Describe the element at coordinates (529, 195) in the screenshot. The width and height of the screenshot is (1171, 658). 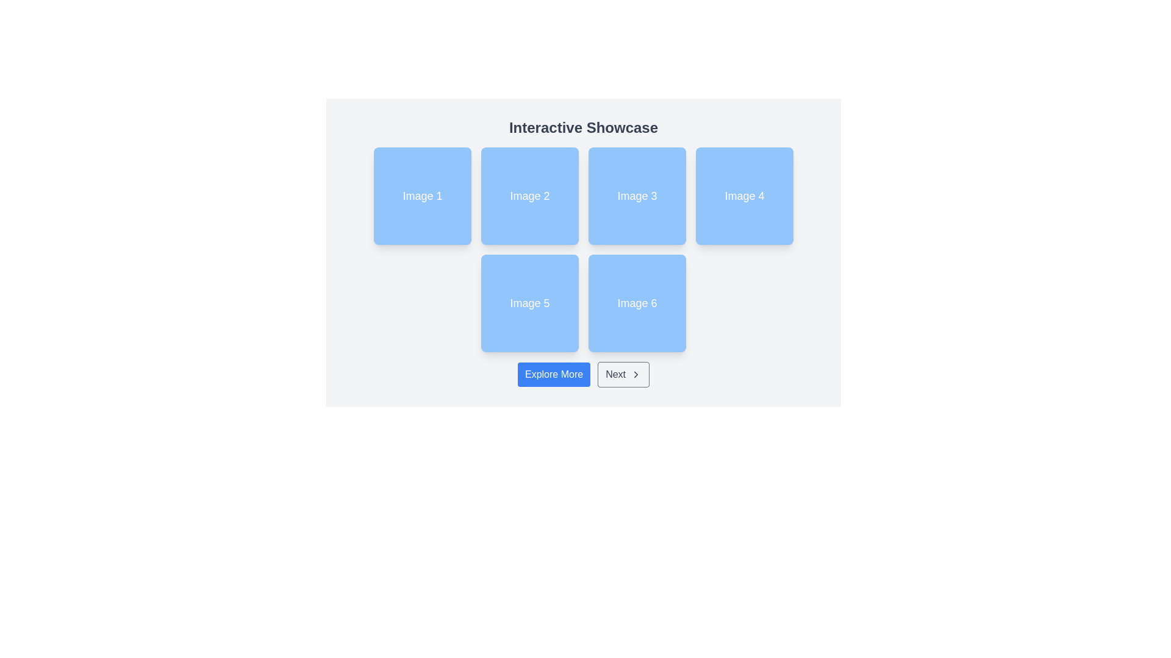
I see `the Display card, which is the second card in a grid layout of six cards, to observe transformation effects` at that location.